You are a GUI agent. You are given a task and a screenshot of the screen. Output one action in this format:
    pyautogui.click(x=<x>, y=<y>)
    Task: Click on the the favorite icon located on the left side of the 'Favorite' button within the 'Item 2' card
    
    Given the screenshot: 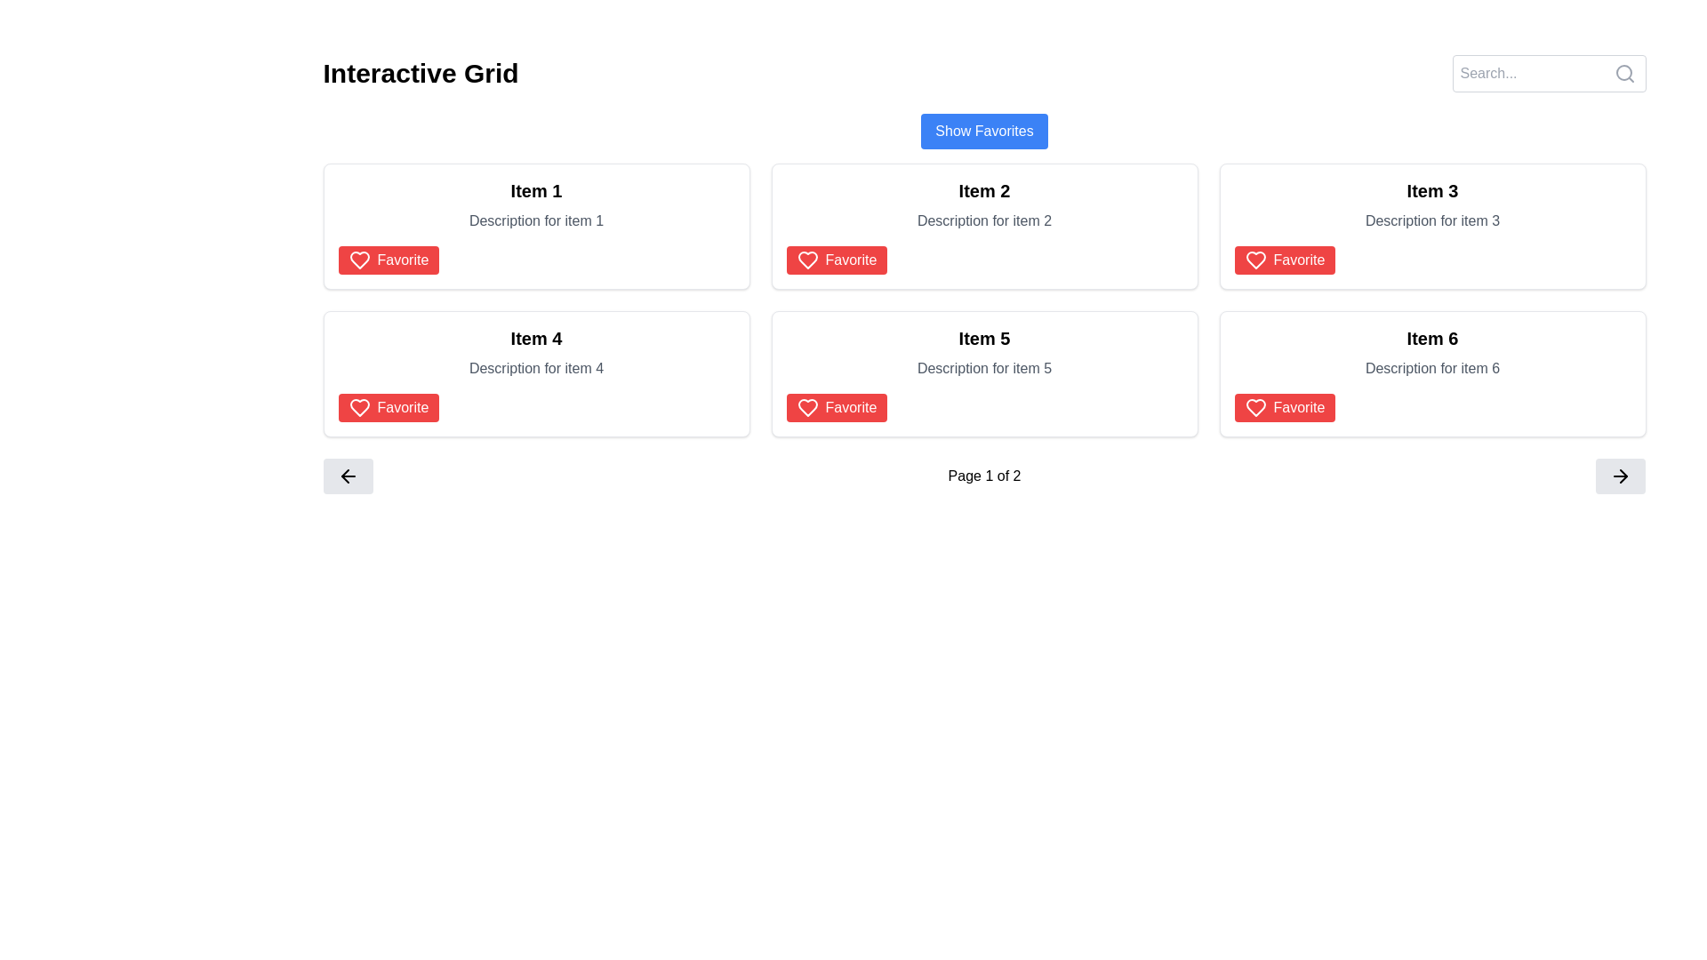 What is the action you would take?
    pyautogui.click(x=806, y=260)
    